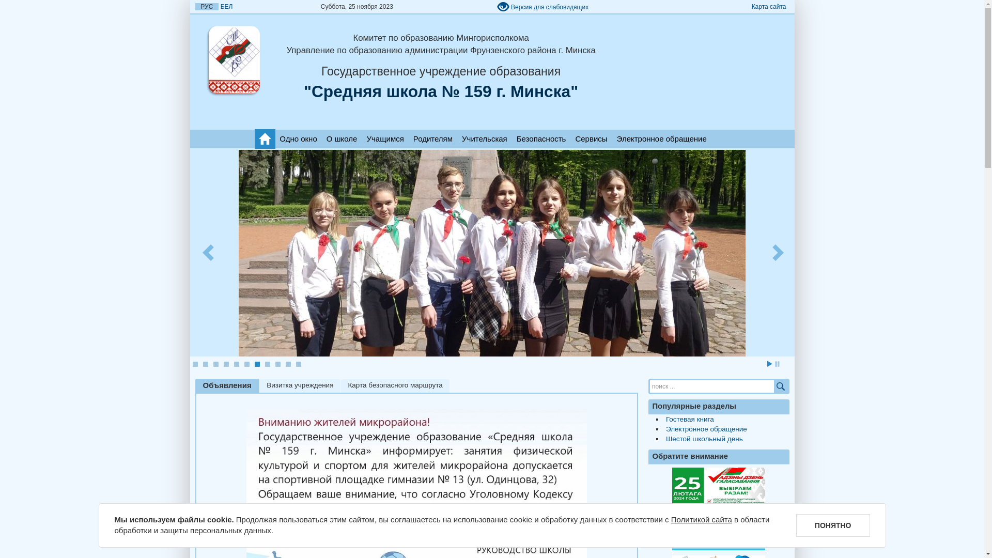  What do you see at coordinates (192, 364) in the screenshot?
I see `'1'` at bounding box center [192, 364].